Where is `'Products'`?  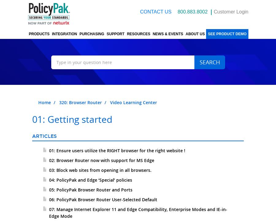
'Products' is located at coordinates (39, 34).